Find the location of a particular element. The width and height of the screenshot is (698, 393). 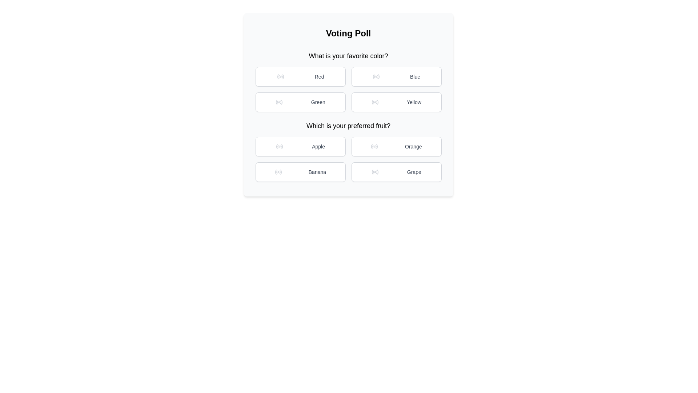

the selectable button for the 'Yellow' option in the voting choice interface under the title 'What is your favorite color?' is located at coordinates (396, 102).